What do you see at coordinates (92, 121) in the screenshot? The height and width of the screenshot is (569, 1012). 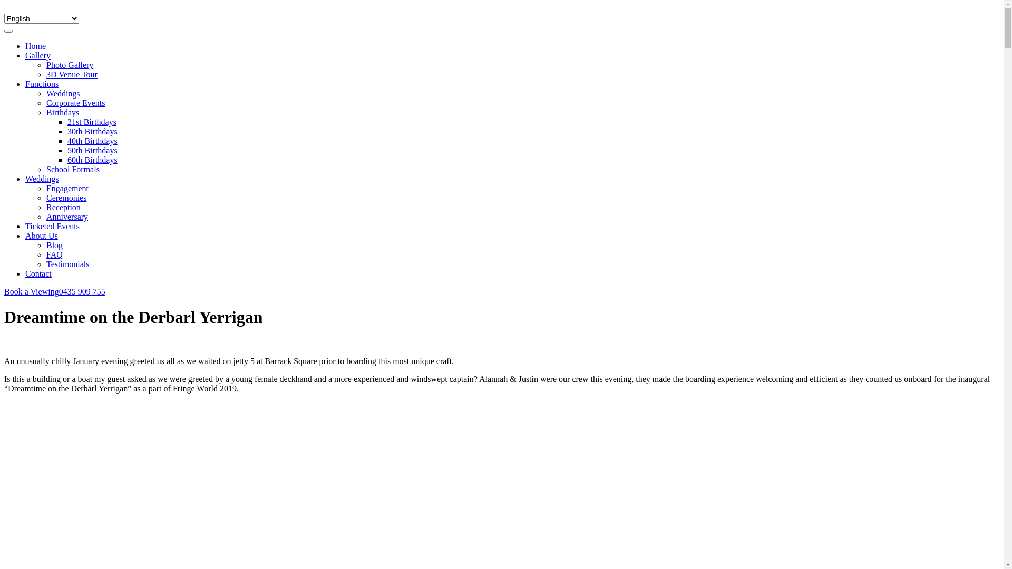 I see `'21st Birthdays'` at bounding box center [92, 121].